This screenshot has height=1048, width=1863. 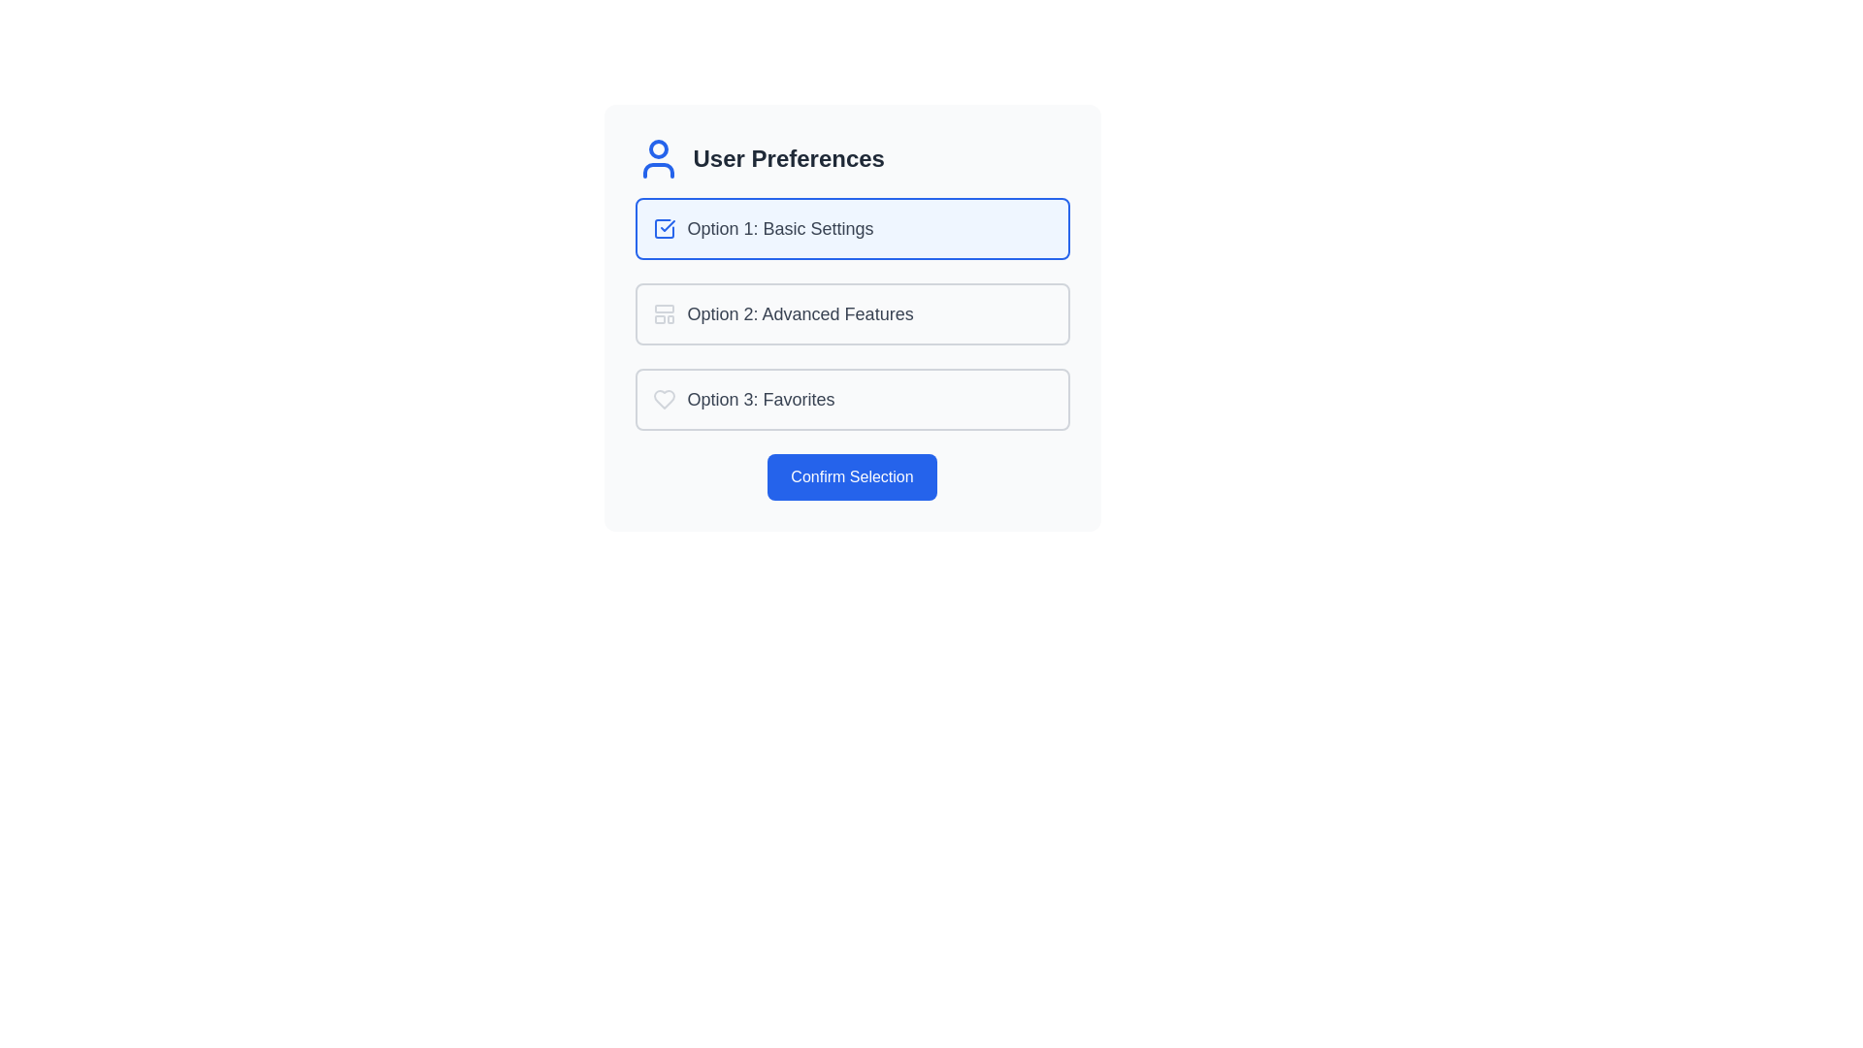 I want to click on the second selectable option in the 'User Preferences' card, so click(x=852, y=313).